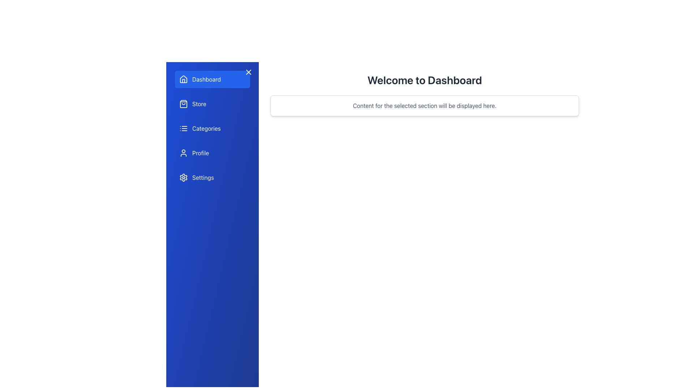 The height and width of the screenshot is (390, 694). I want to click on the user profile icon located in the left-hand vertical menu, adjacent to the text 'Profile', so click(184, 153).